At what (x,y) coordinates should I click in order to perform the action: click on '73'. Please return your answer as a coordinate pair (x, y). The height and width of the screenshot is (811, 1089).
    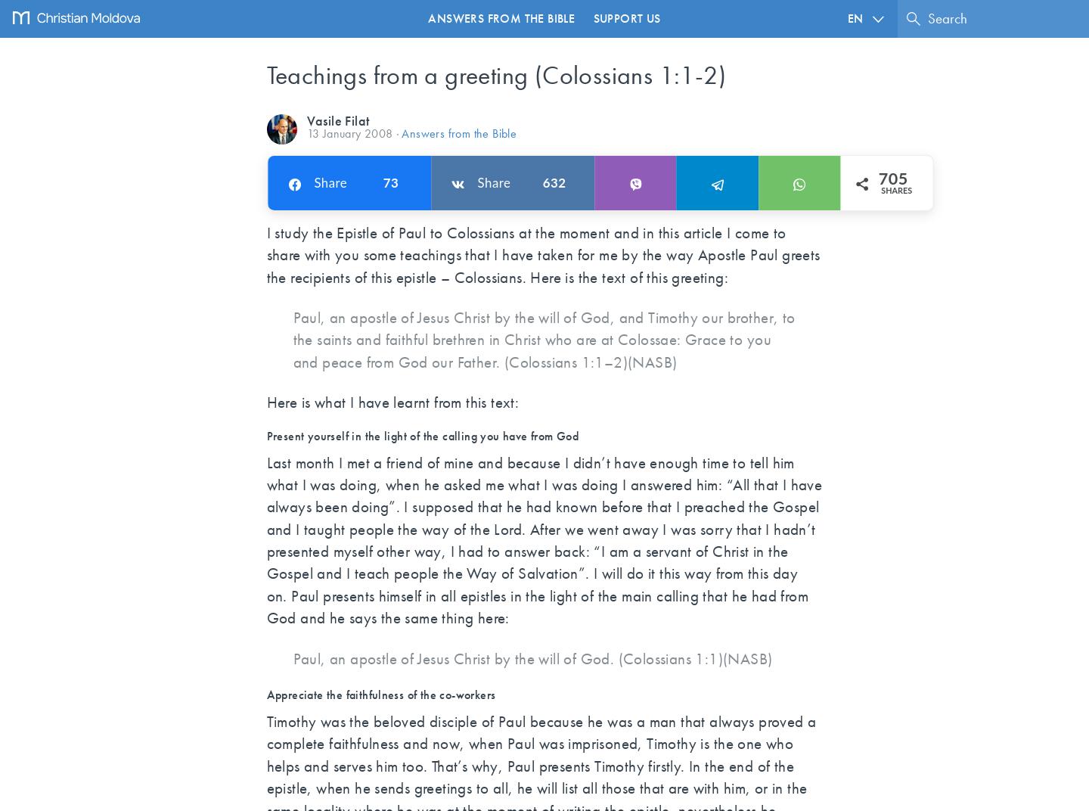
    Looking at the image, I should click on (382, 183).